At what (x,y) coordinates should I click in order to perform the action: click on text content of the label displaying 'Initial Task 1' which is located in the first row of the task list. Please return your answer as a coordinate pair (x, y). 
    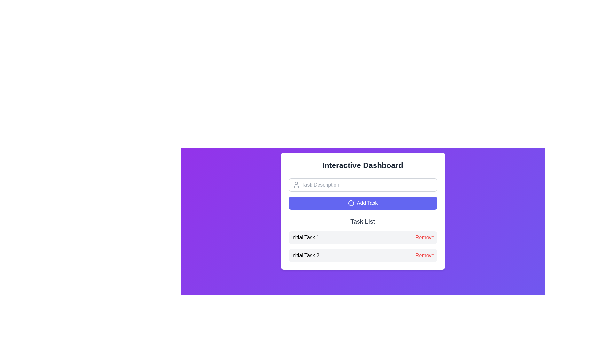
    Looking at the image, I should click on (305, 238).